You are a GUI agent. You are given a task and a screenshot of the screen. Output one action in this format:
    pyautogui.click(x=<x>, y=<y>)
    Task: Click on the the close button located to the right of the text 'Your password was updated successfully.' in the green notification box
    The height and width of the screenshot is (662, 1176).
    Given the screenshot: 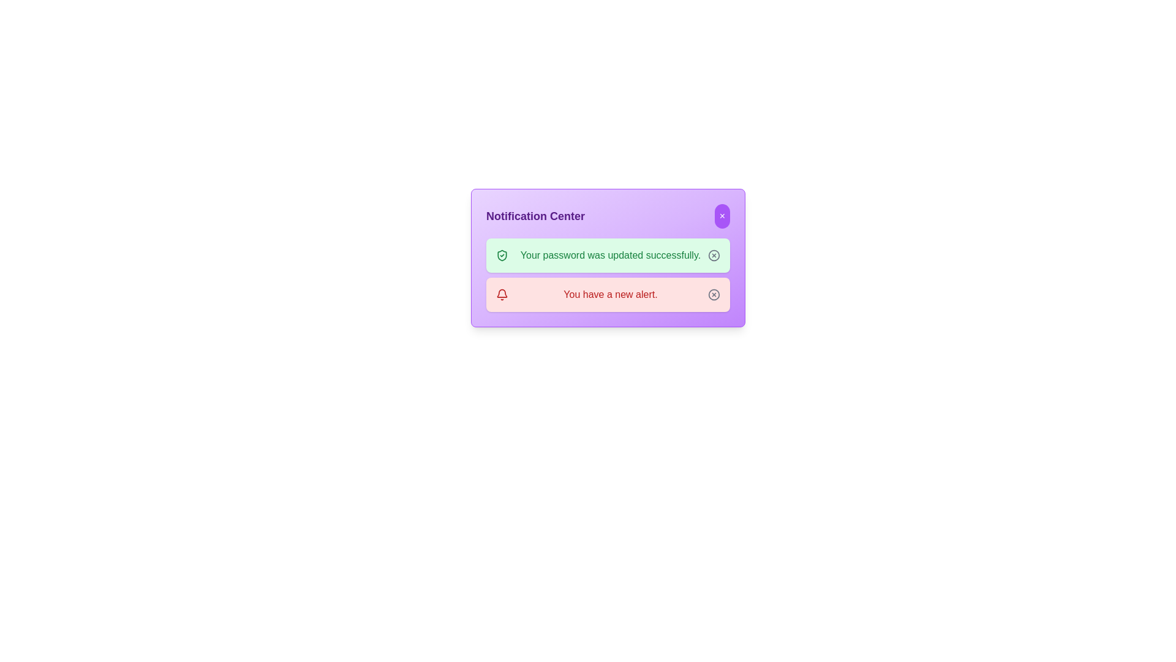 What is the action you would take?
    pyautogui.click(x=714, y=254)
    